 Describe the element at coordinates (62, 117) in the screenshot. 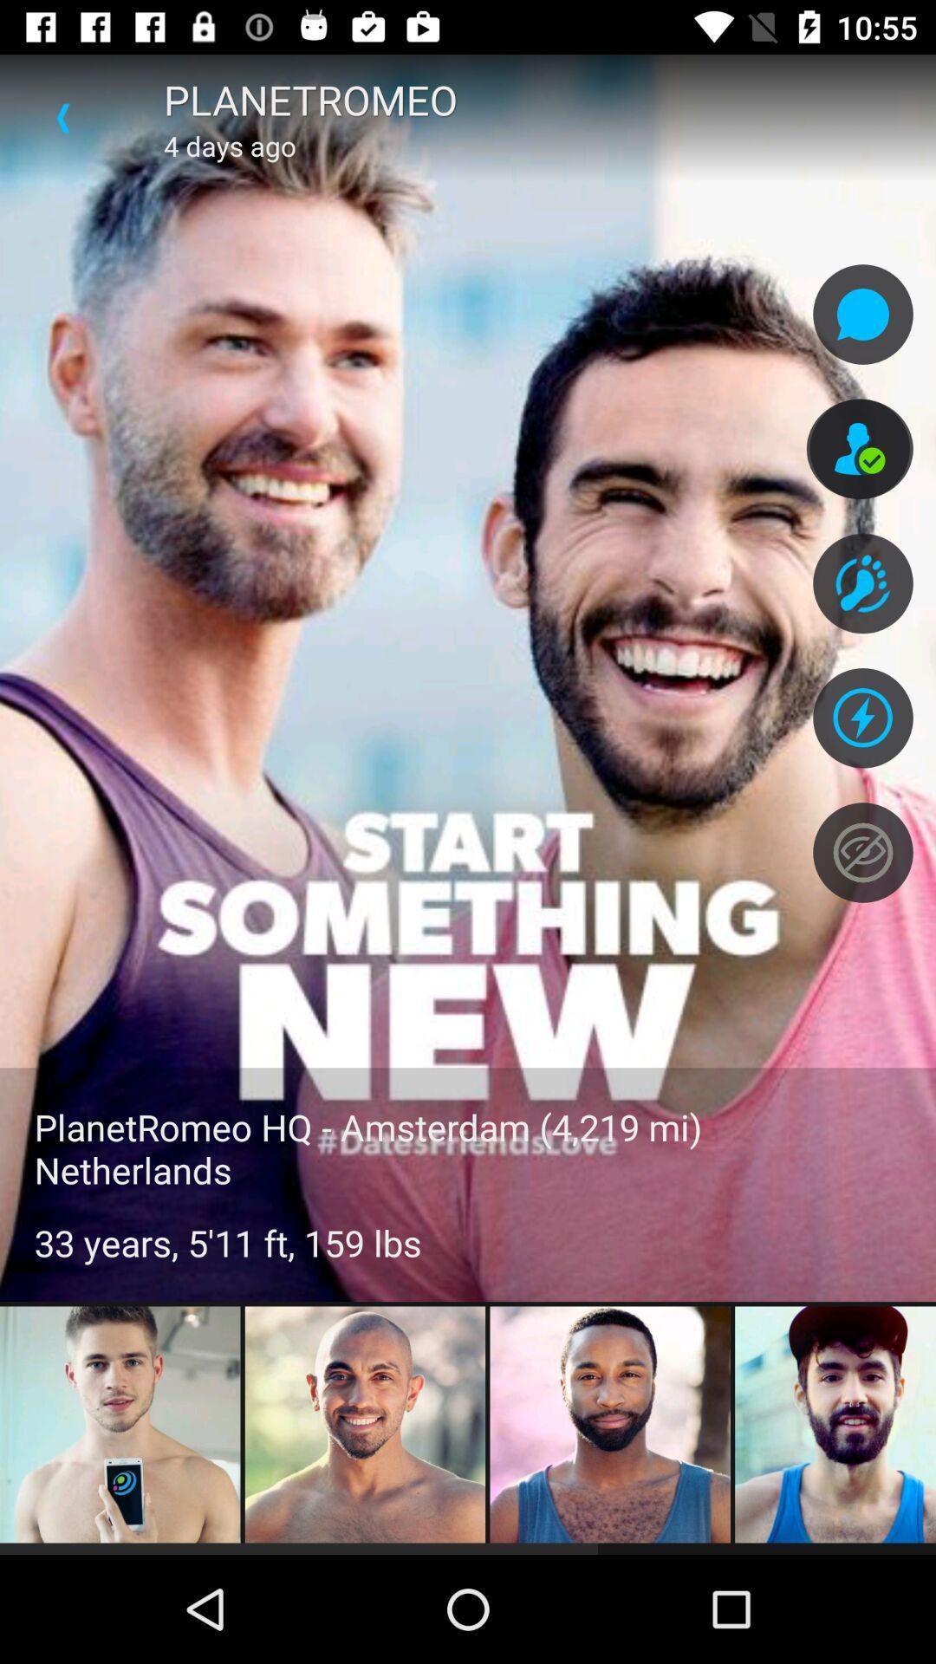

I see `item above the planetromeo hq amsterdam icon` at that location.